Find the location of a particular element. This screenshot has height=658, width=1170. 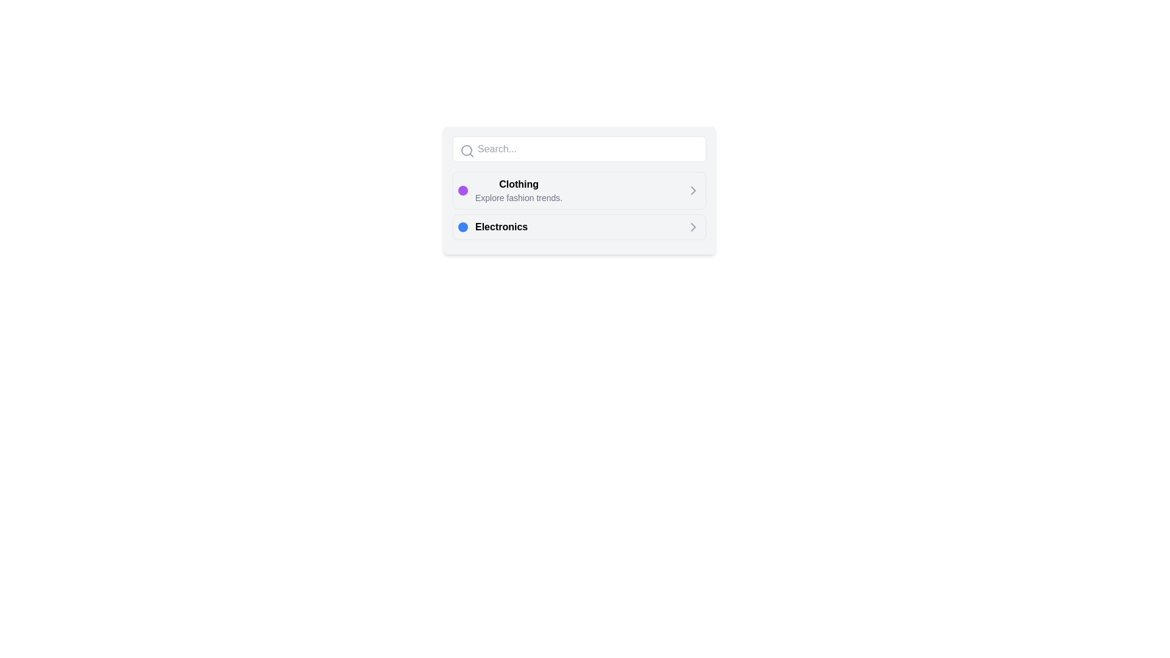

the right-pointing triangular Arrow icon located on the far right side of the 'Electronics' list item, adjacent to the text 'Electronics' is located at coordinates (693, 227).